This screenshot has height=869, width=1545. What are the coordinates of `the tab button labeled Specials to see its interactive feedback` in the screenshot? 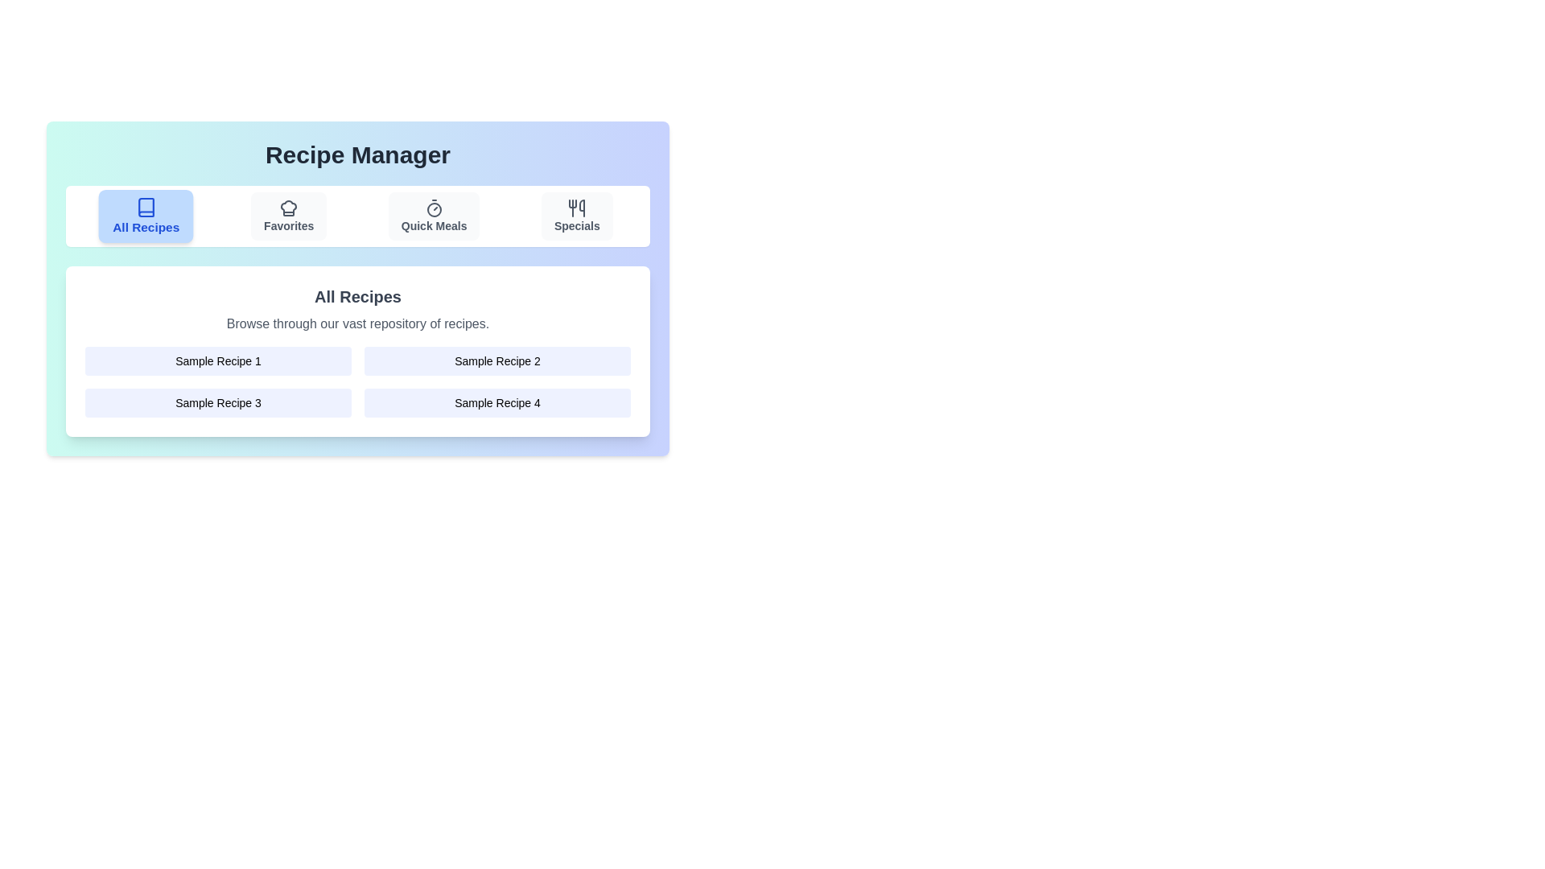 It's located at (577, 216).